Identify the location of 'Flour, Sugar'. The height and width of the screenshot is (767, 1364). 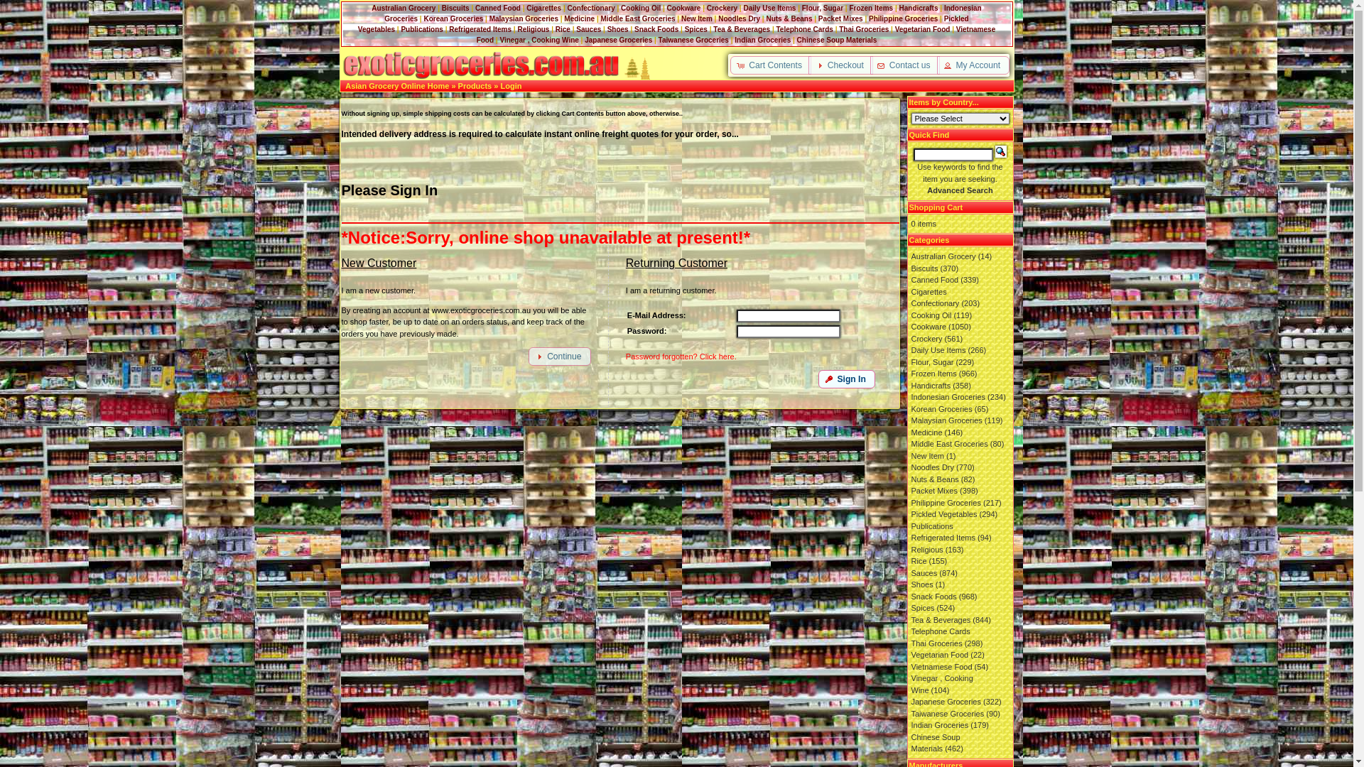
(801, 8).